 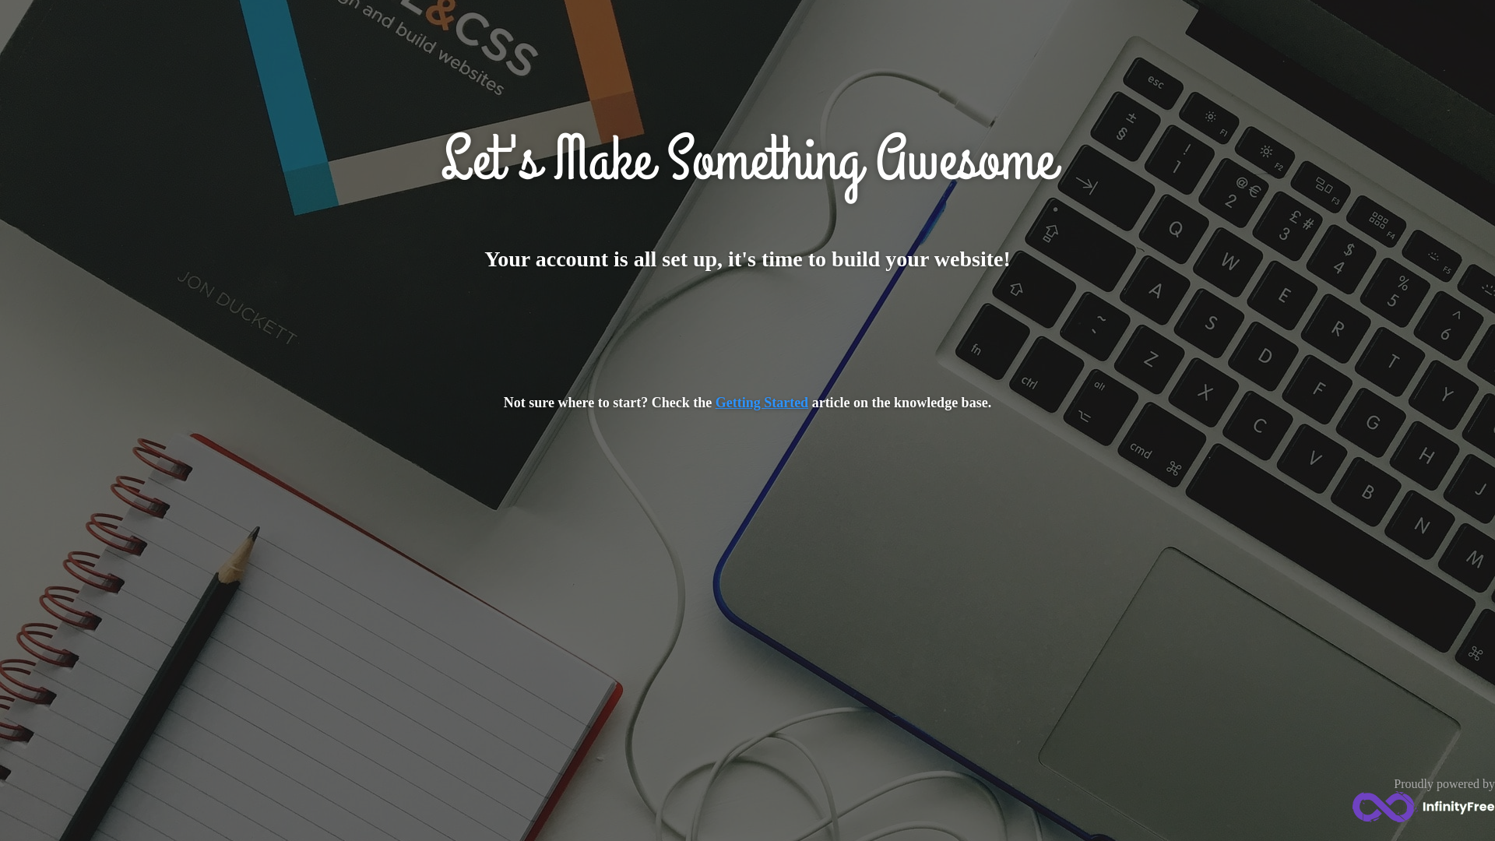 I want to click on 'Getting Started', so click(x=762, y=401).